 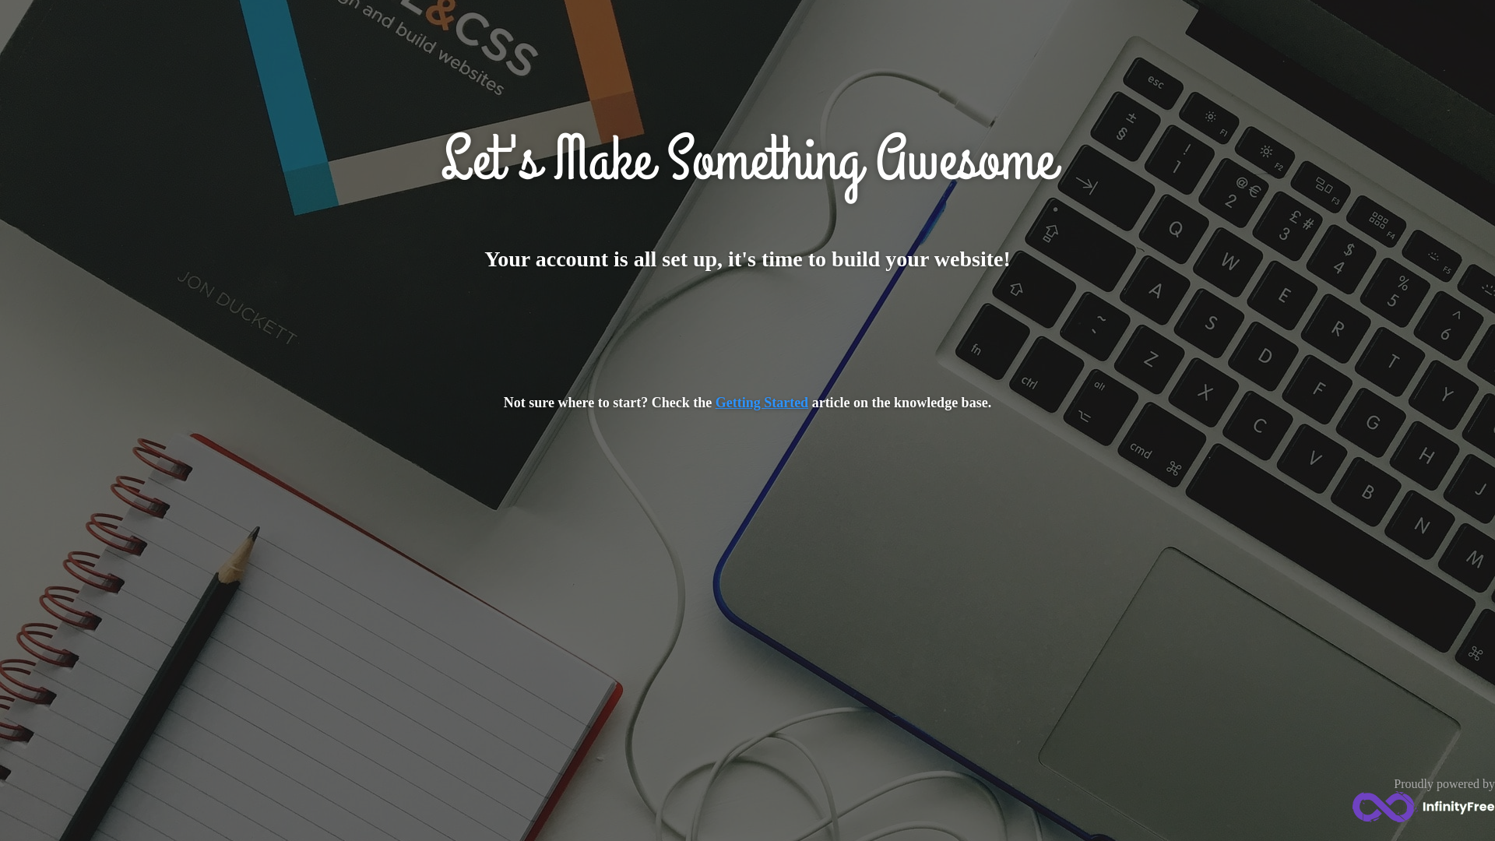 I want to click on 'Getting Started', so click(x=762, y=401).